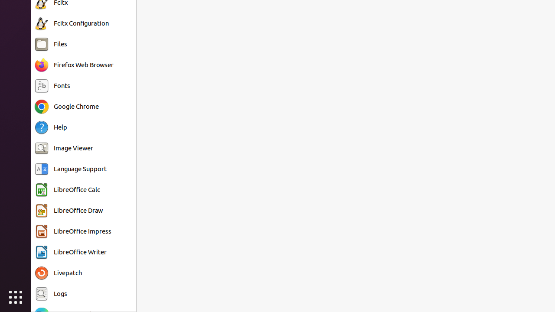 Image resolution: width=555 pixels, height=312 pixels. Describe the element at coordinates (67, 273) in the screenshot. I see `'Livepatch'` at that location.